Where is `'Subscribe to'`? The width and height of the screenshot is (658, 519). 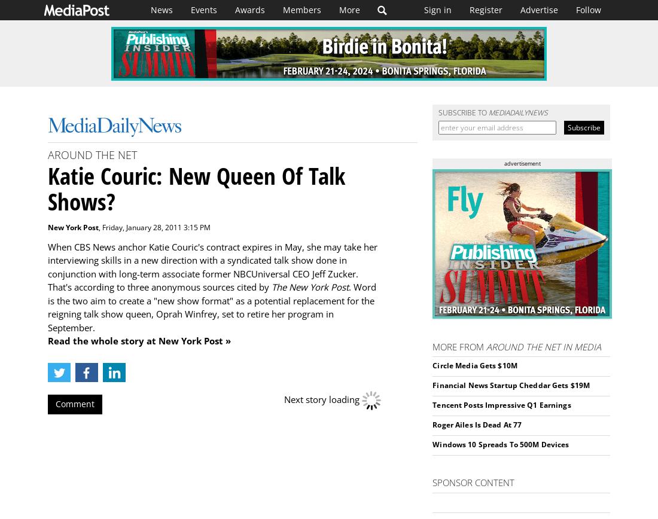
'Subscribe to' is located at coordinates (438, 112).